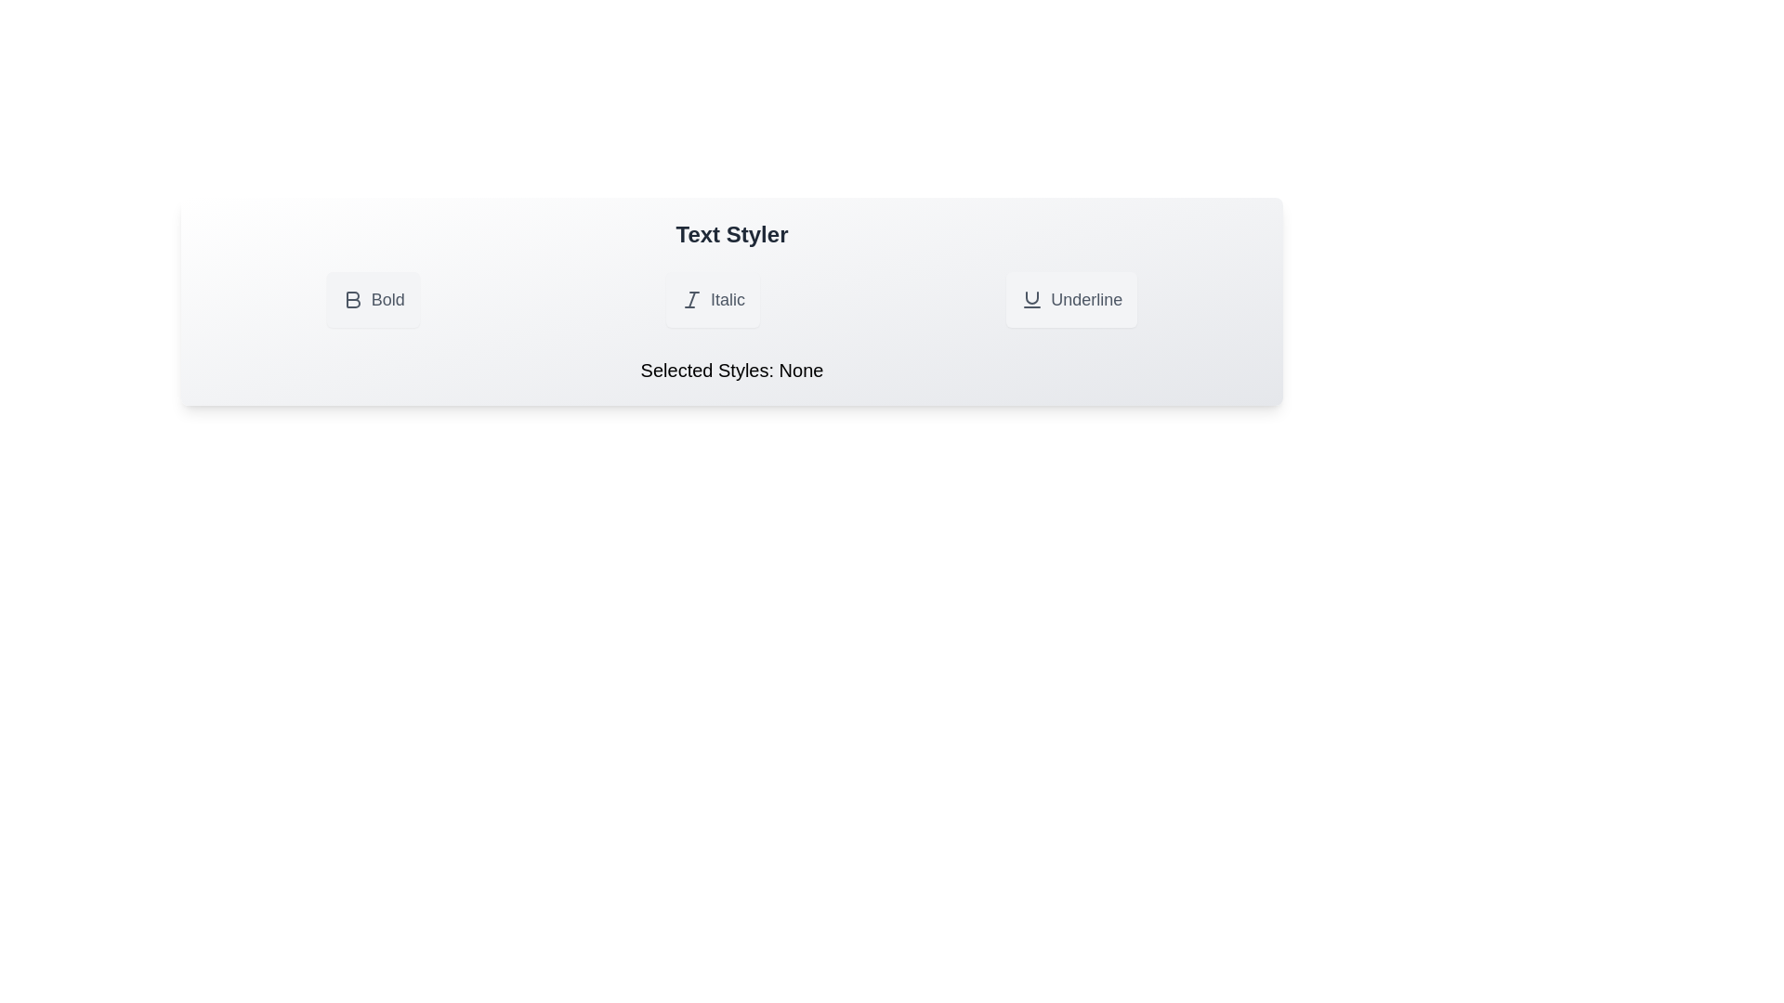 The width and height of the screenshot is (1784, 1003). What do you see at coordinates (372, 299) in the screenshot?
I see `the 'Bold' button to toggle the bold style for the text` at bounding box center [372, 299].